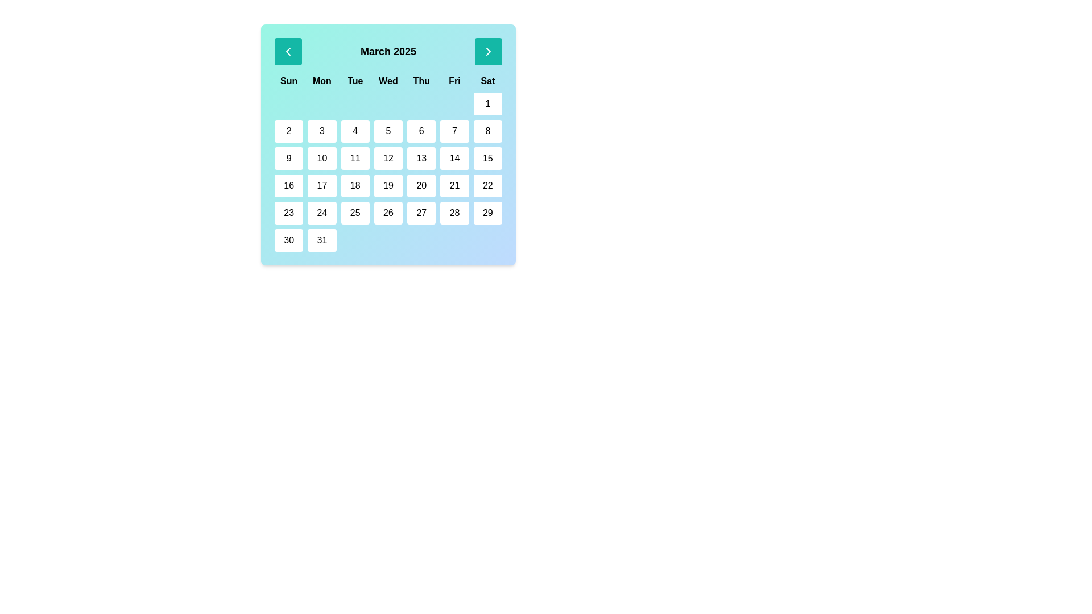 The height and width of the screenshot is (614, 1092). What do you see at coordinates (321, 131) in the screenshot?
I see `the Calendar day button located in the second column of the second row, below 'Mon', and adjacent to the '2' and '4' buttons` at bounding box center [321, 131].